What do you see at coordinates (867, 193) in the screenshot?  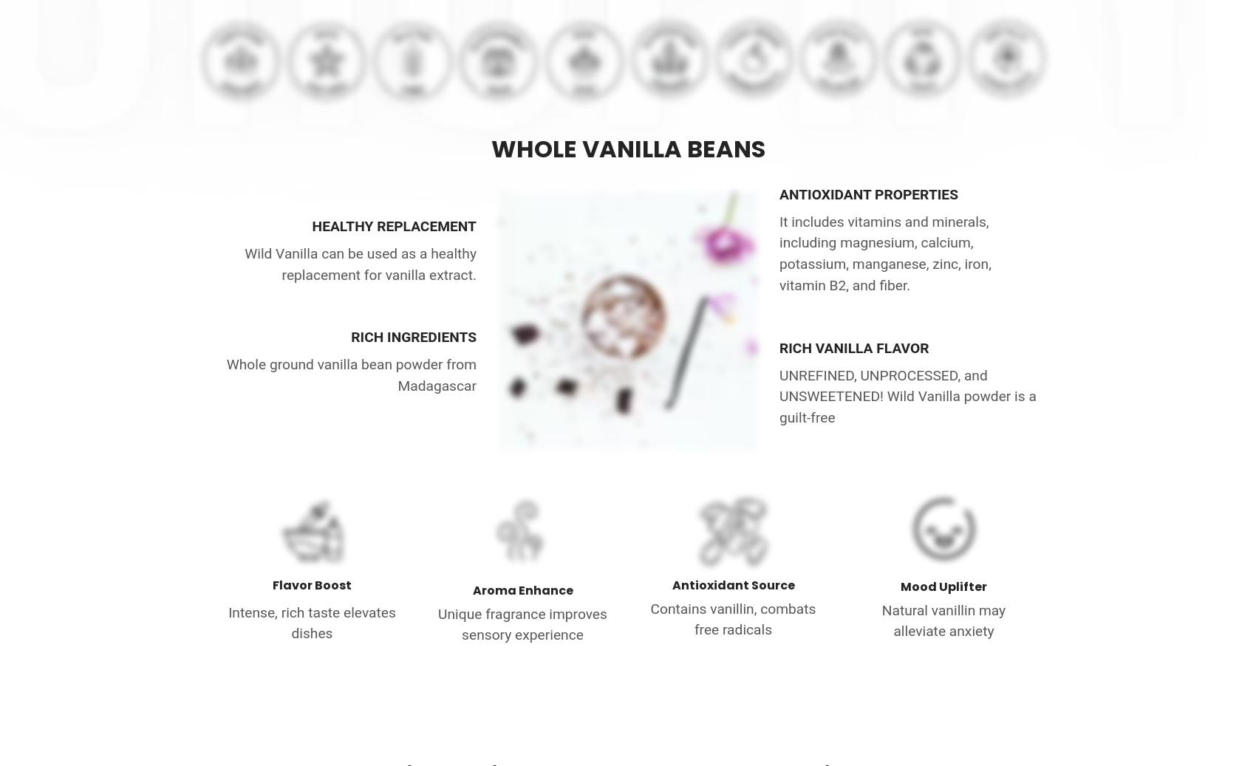 I see `'ANTIOXIDANT PROPERTIES'` at bounding box center [867, 193].